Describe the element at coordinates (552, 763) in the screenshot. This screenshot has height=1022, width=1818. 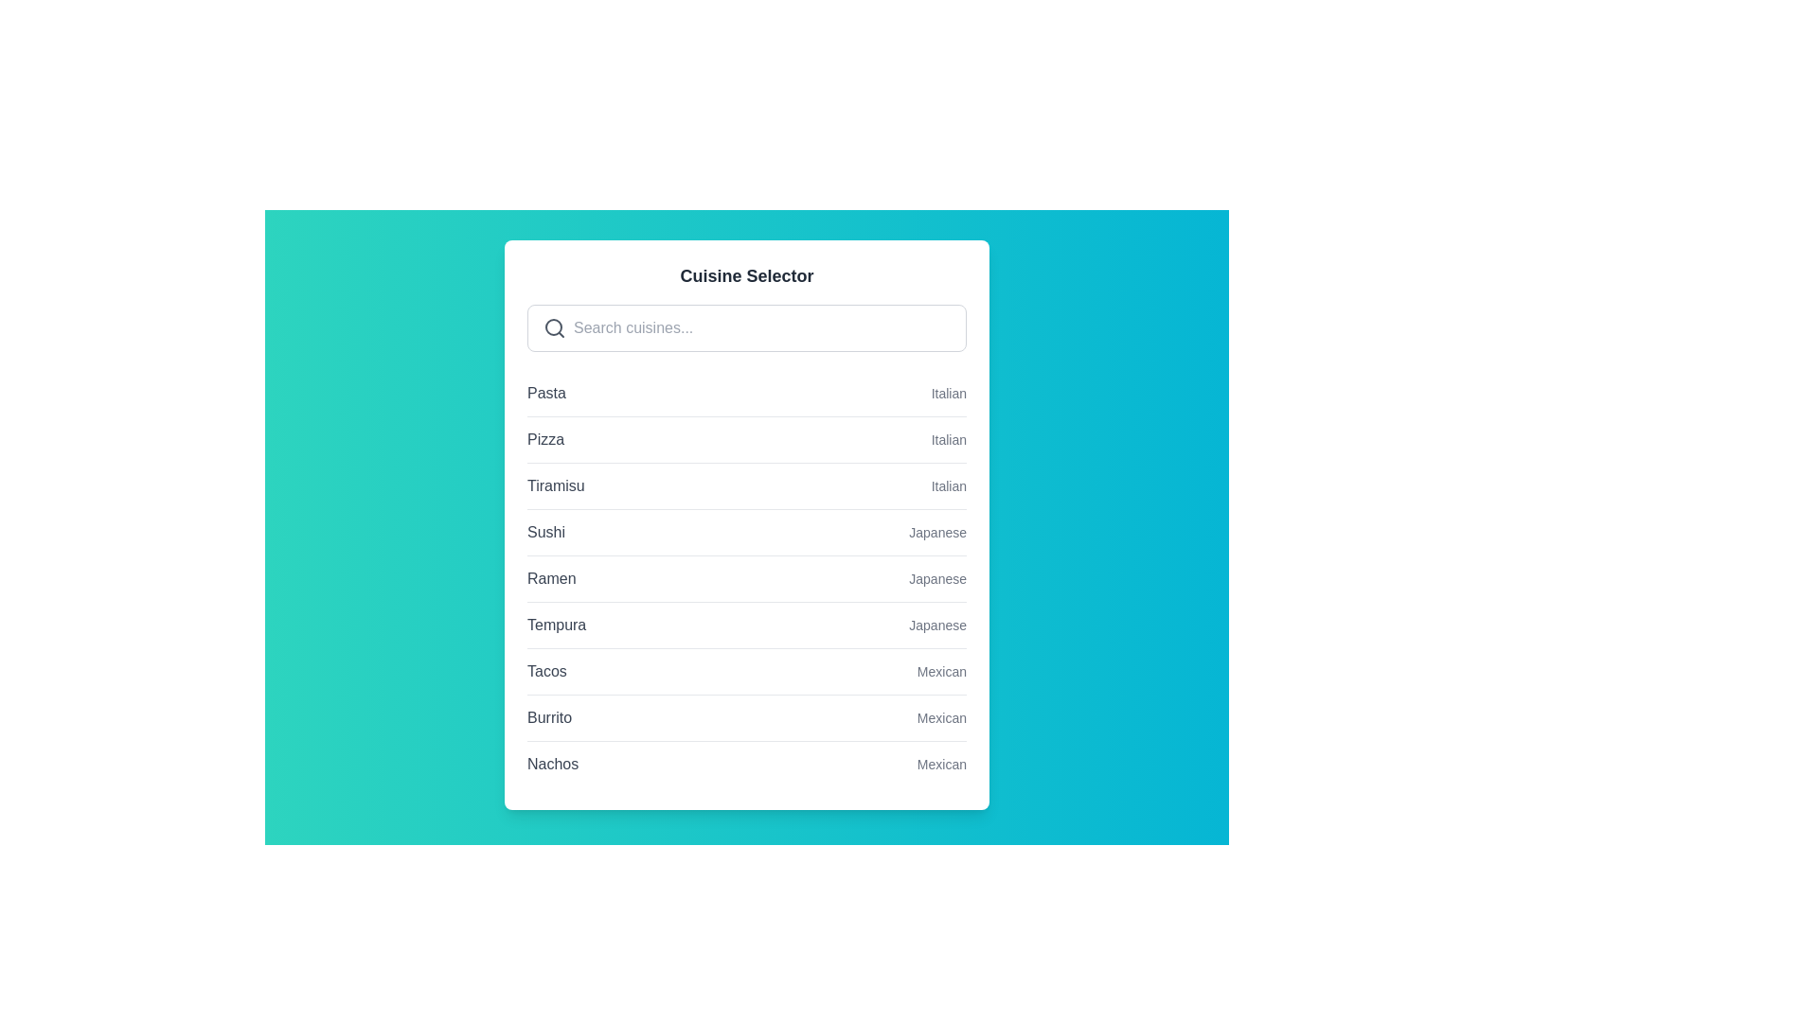
I see `text label displaying 'Nachos' in medium gray font, located in the bottom-most row of the list labeled 'NachosMexican'` at that location.